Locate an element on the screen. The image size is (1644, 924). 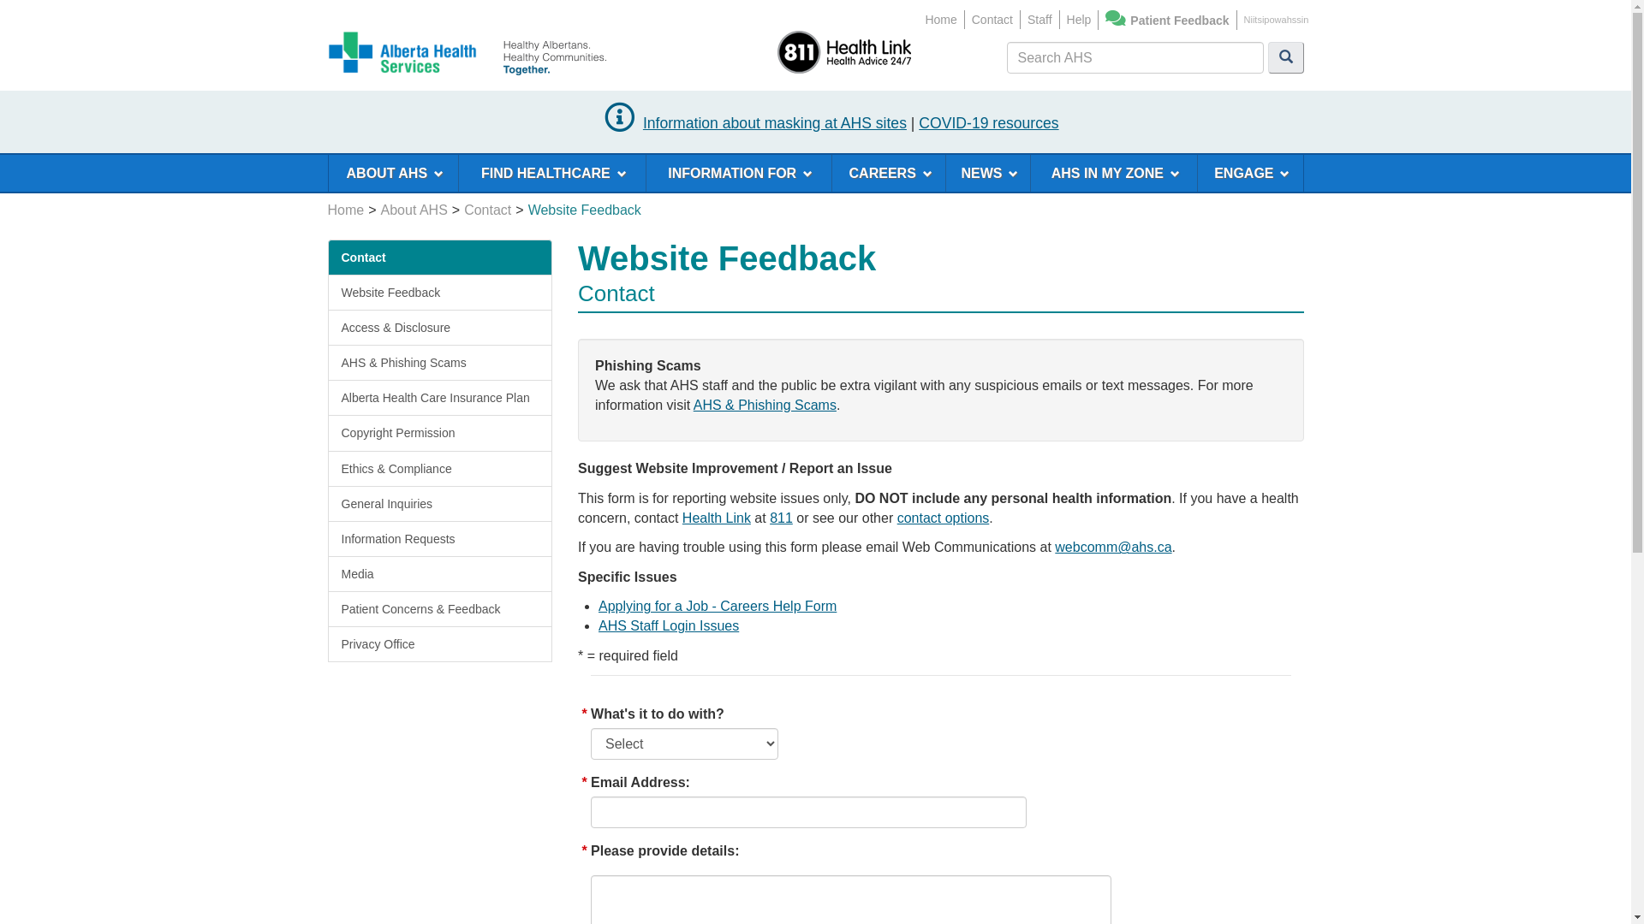
'ENGAGE' is located at coordinates (1249, 173).